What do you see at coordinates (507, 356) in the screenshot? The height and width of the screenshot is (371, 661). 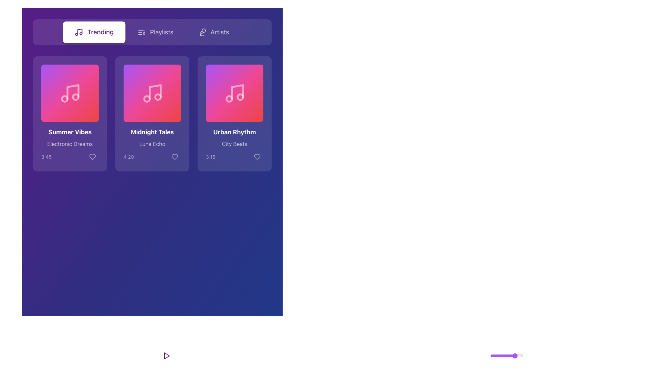 I see `the value of the slider` at bounding box center [507, 356].